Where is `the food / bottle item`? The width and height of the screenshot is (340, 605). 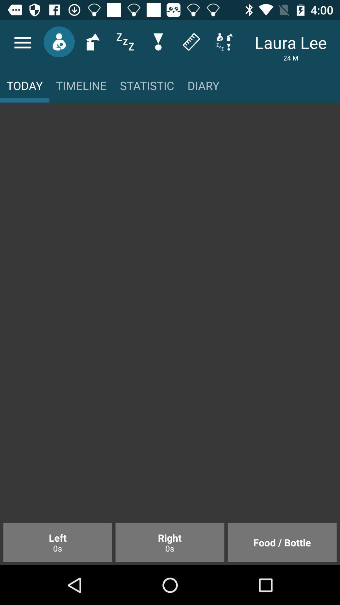 the food / bottle item is located at coordinates (282, 542).